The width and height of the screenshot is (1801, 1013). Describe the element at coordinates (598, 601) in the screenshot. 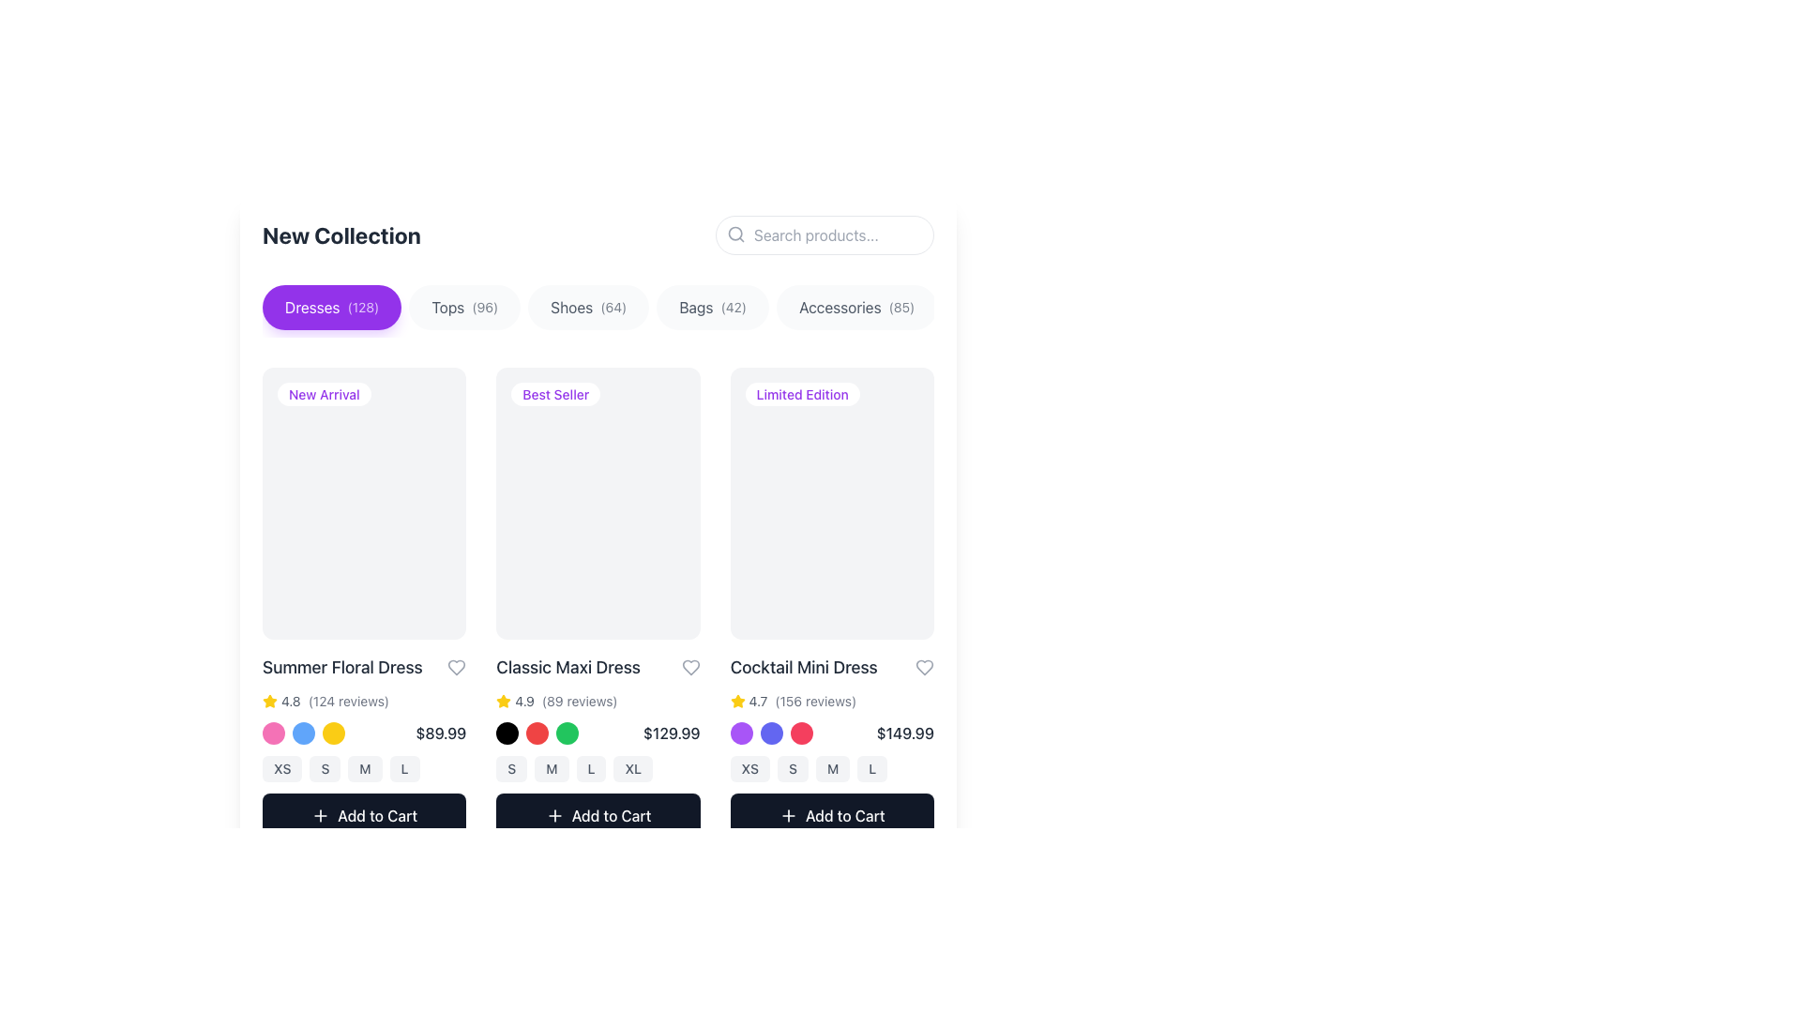

I see `the Product card located in the second column of the product grid under the 'New Collection' section to interact with it or see additional details` at that location.